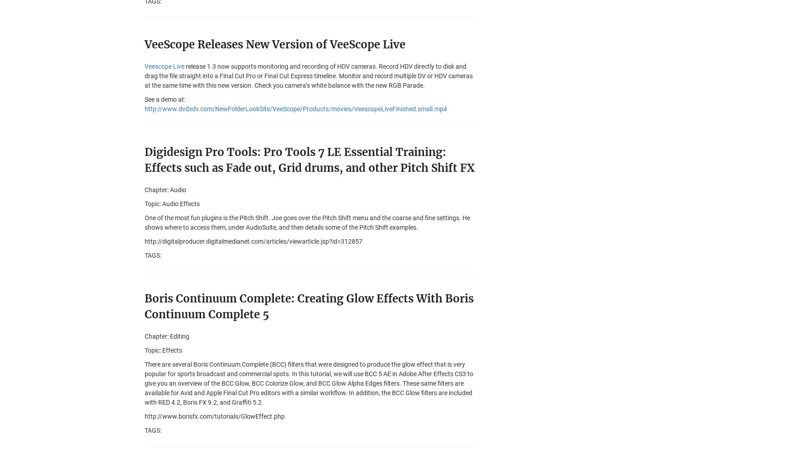  What do you see at coordinates (145, 336) in the screenshot?
I see `'Chapter: Editing'` at bounding box center [145, 336].